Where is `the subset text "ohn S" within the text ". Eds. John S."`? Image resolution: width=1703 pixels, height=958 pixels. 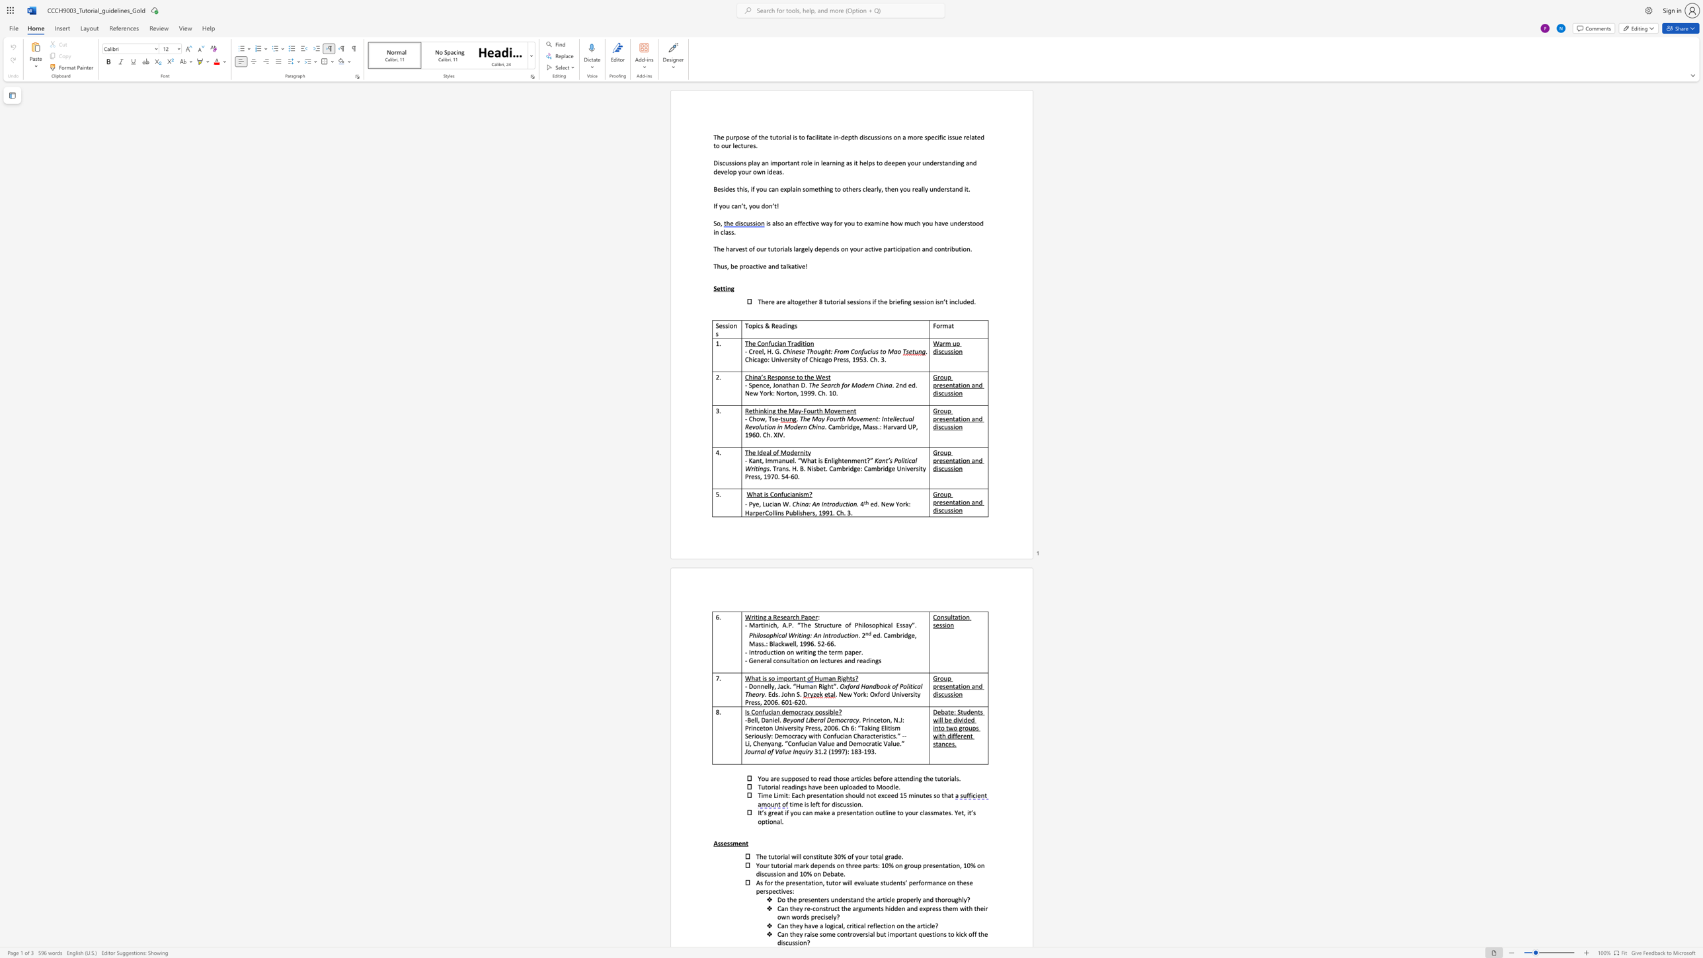 the subset text "ohn S" within the text ". Eds. John S." is located at coordinates (783, 694).